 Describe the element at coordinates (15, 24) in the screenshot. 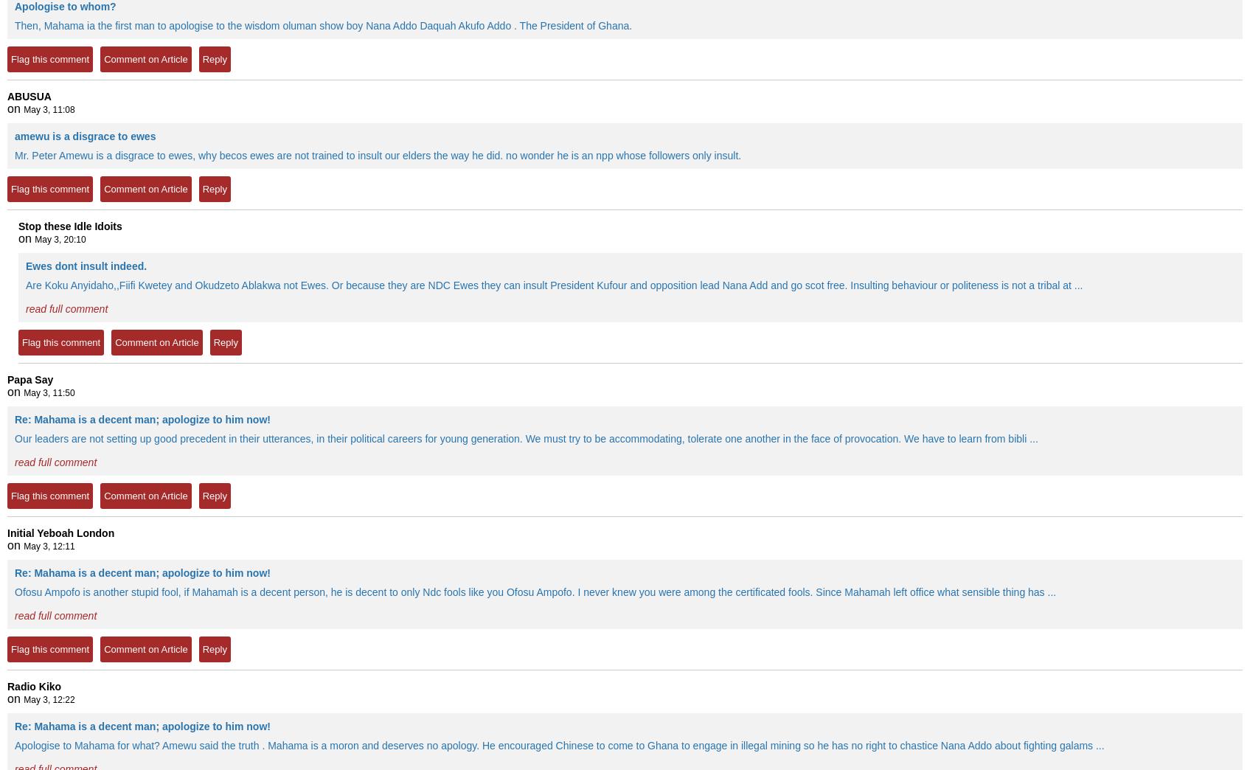

I see `'Then, Mahama ia the first man to apologise to the wisdom oluman show boy Nana Addo Daquah Akufo Addo . The President of Ghana.'` at that location.